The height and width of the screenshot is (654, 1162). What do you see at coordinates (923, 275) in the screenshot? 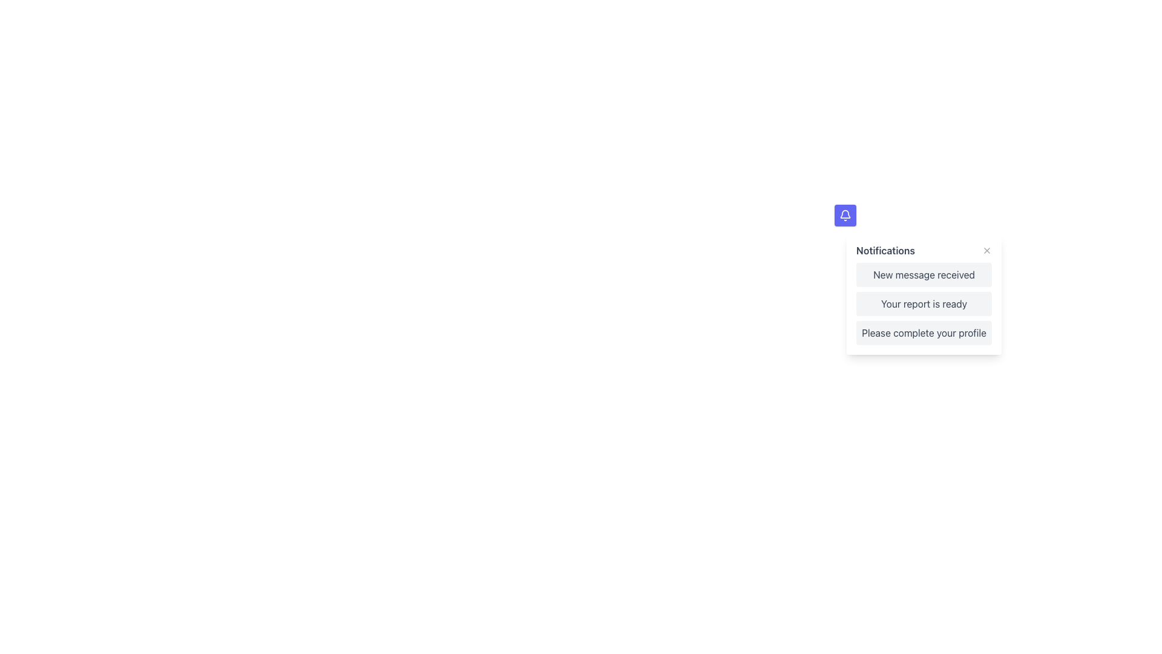
I see `the static text notification that displays 'New message received', which is the first item in the notifications panel` at bounding box center [923, 275].